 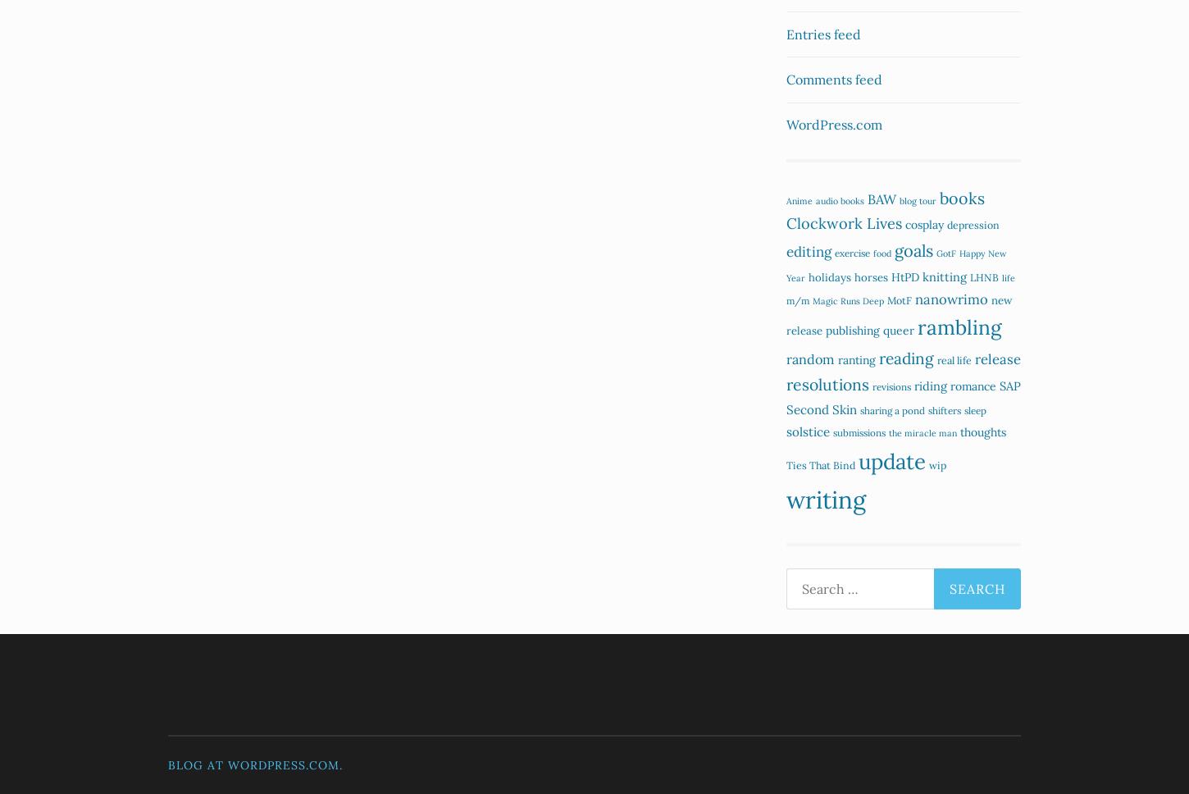 I want to click on 'reading', so click(x=905, y=357).